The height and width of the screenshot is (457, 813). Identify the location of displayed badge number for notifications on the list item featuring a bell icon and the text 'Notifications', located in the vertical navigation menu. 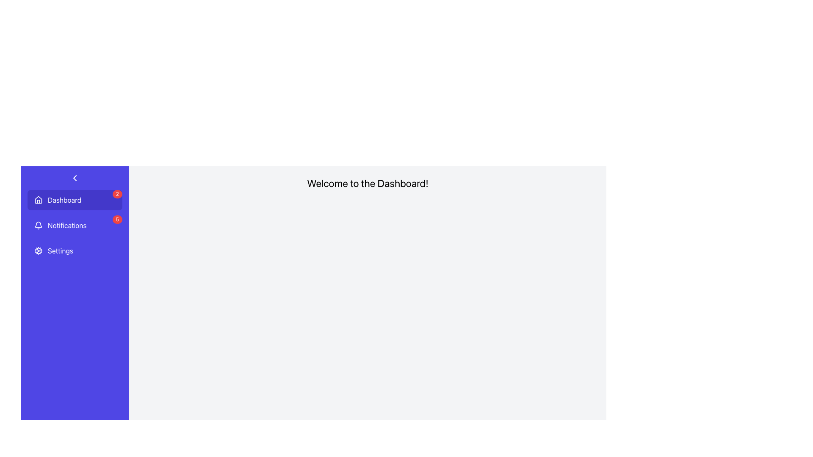
(75, 225).